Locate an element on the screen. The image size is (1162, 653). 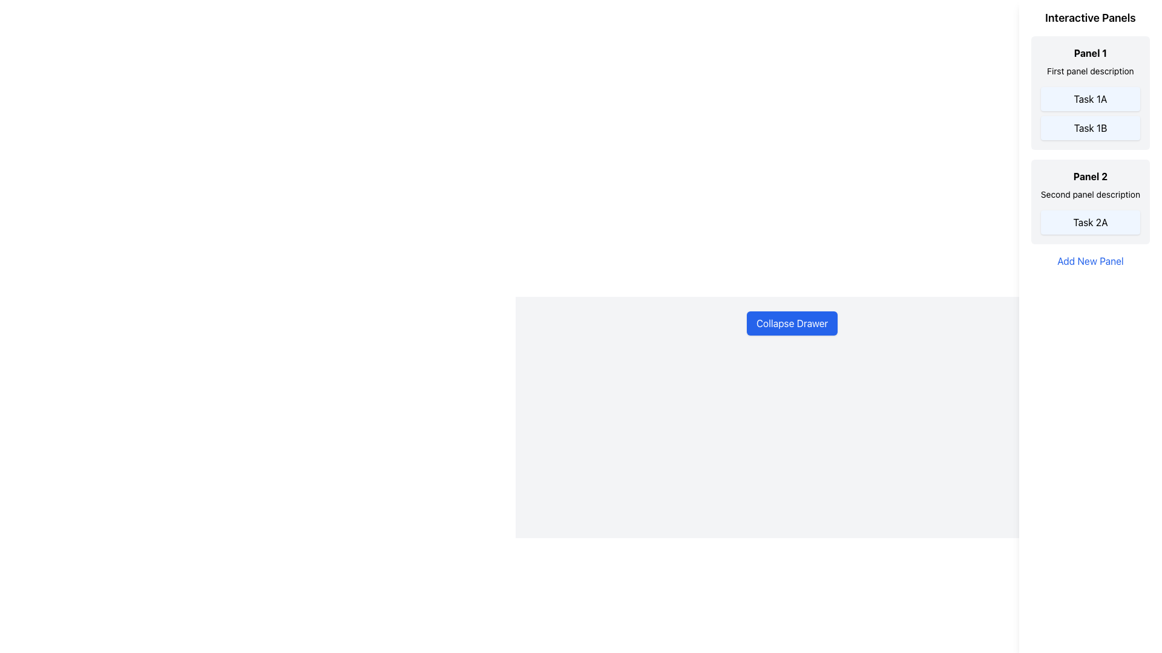
the text label reading 'Second panel description', which is part of the panel header for 'Panel 2' is located at coordinates (1090, 193).